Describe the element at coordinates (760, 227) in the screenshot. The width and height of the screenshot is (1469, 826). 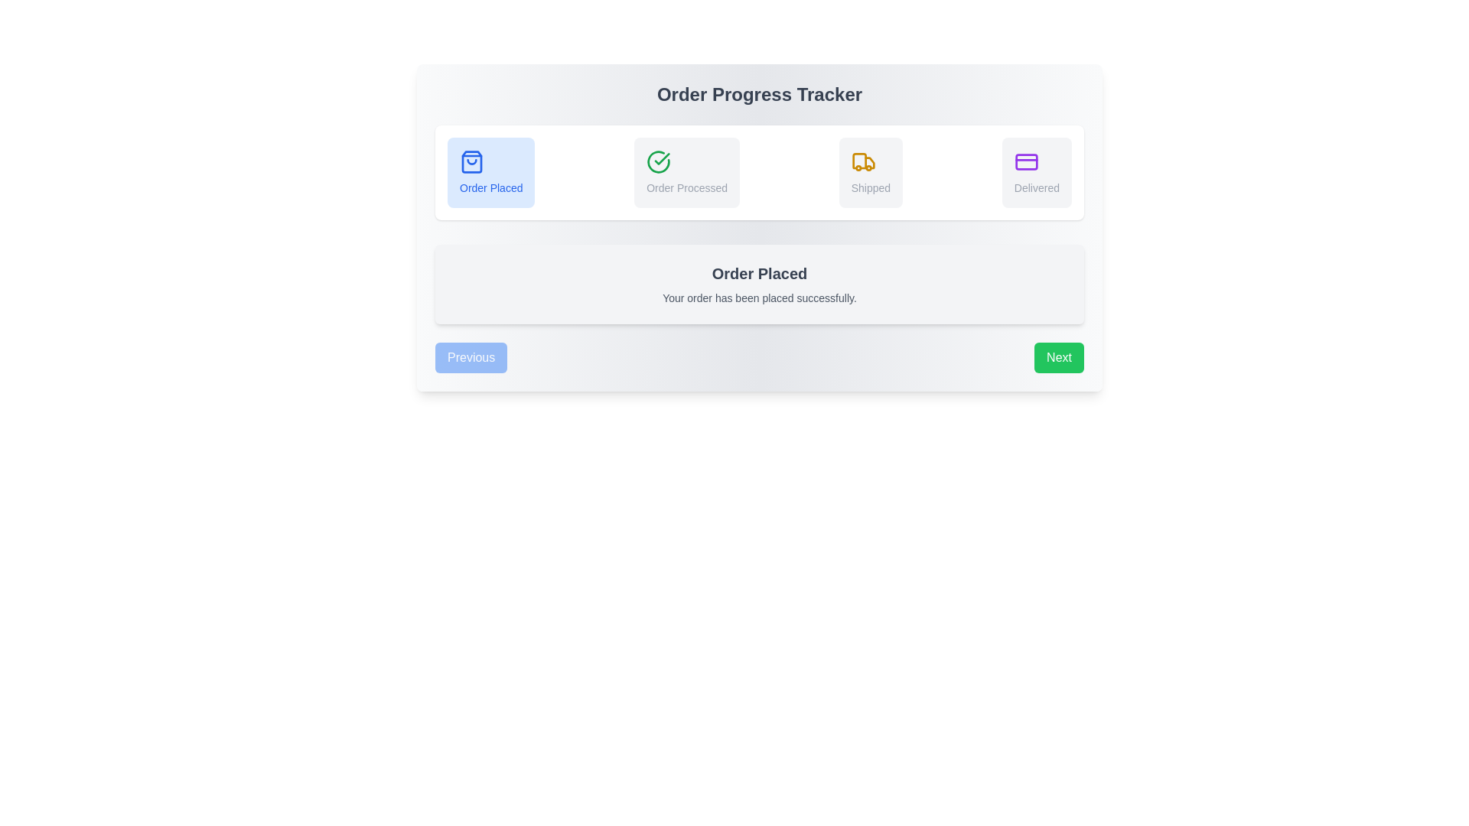
I see `the specific stage within the 'Order Progress Tracker'` at that location.